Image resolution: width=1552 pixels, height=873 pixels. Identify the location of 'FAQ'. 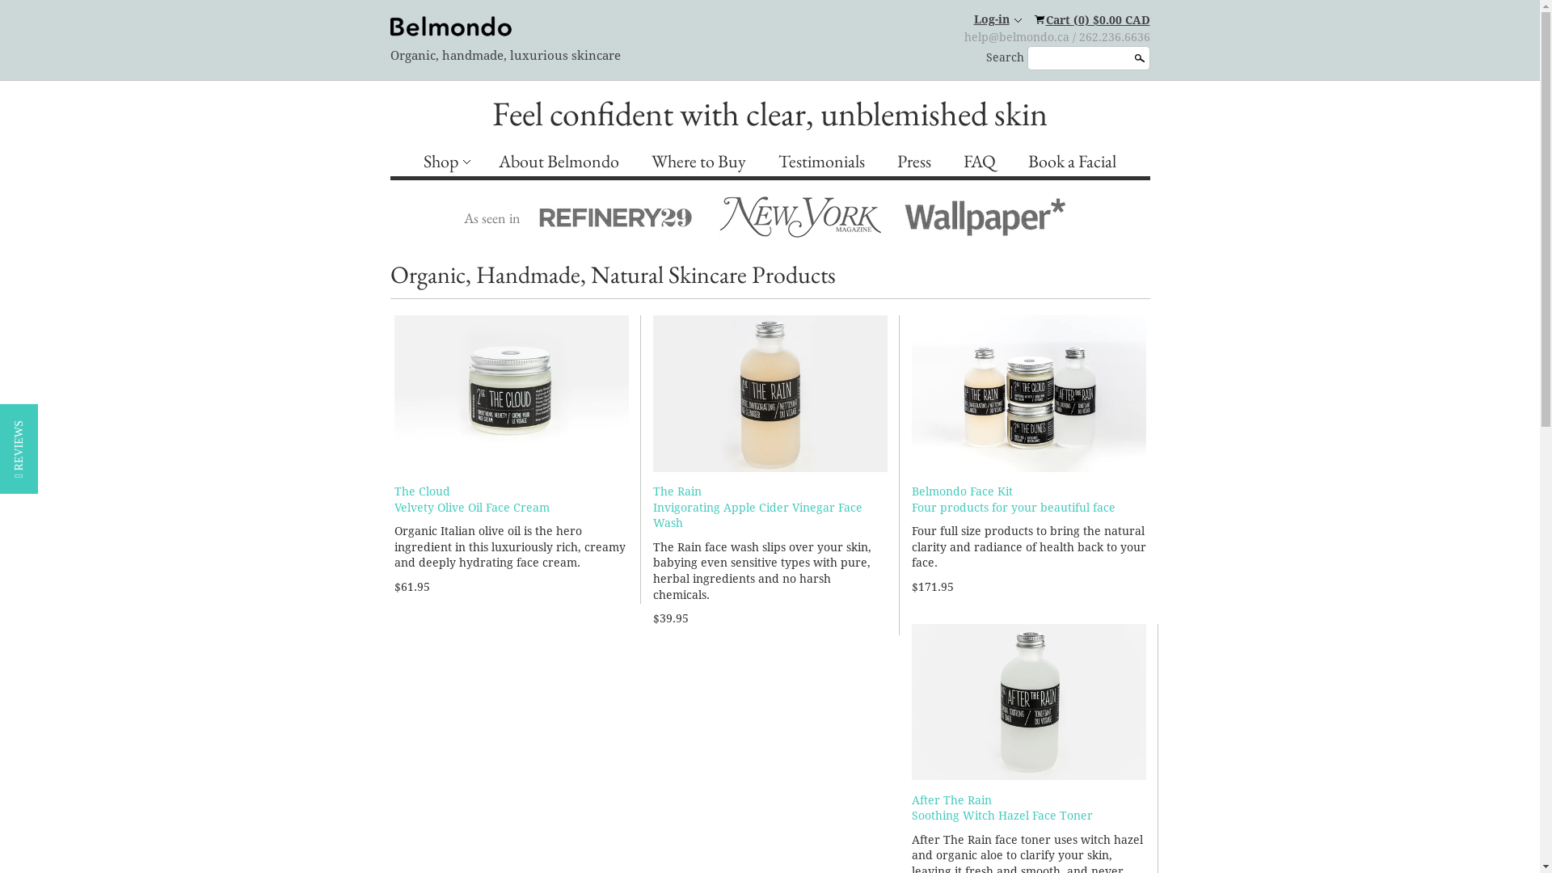
(979, 162).